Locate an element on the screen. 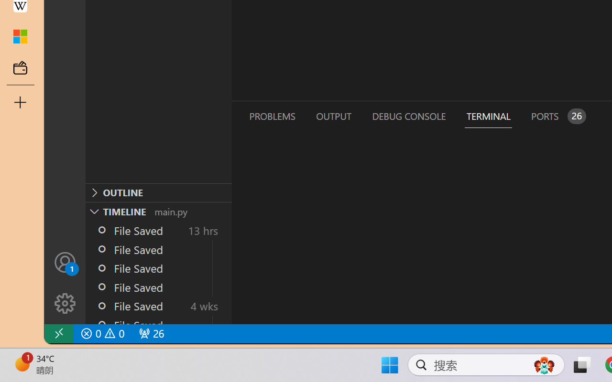  'Manage' is located at coordinates (64, 303).